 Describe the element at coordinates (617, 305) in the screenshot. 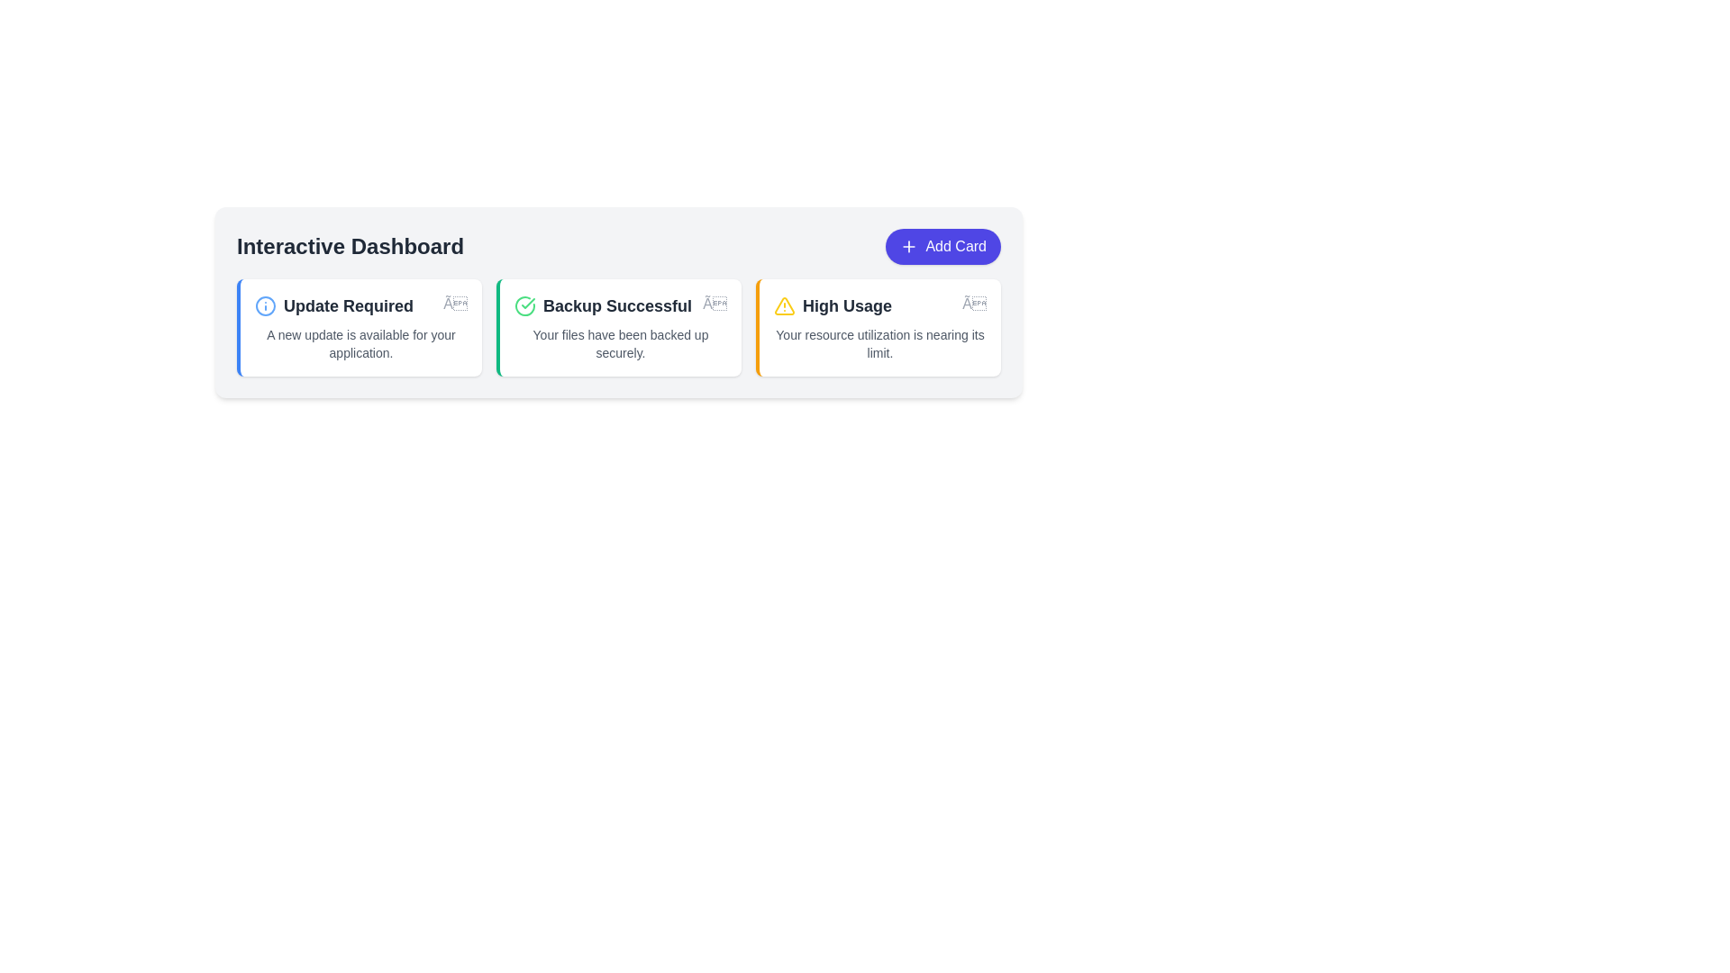

I see `the text label indicating successful completion of a backup process, which is centrally located between the 'Update Required' and 'High Usage' cards` at that location.